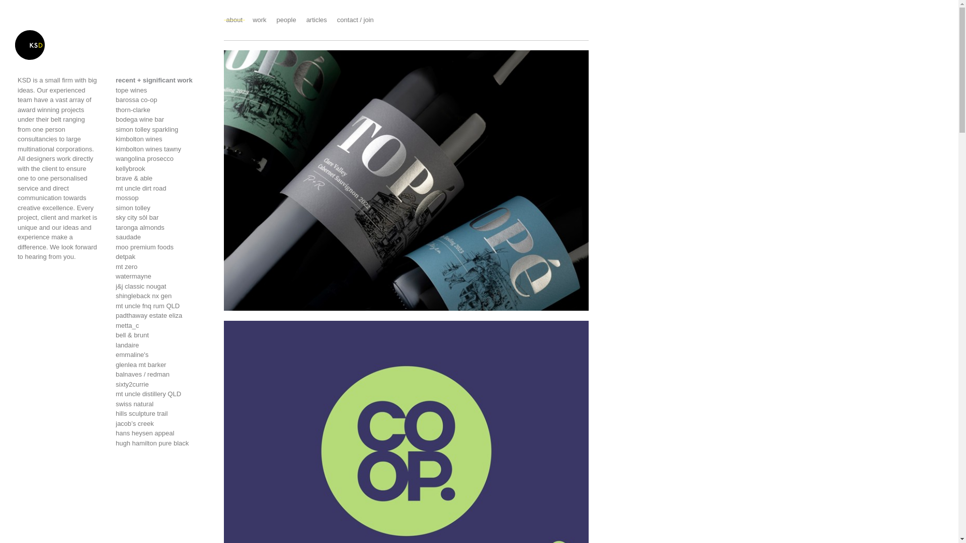 The width and height of the screenshot is (966, 543). I want to click on 'detpak', so click(161, 256).